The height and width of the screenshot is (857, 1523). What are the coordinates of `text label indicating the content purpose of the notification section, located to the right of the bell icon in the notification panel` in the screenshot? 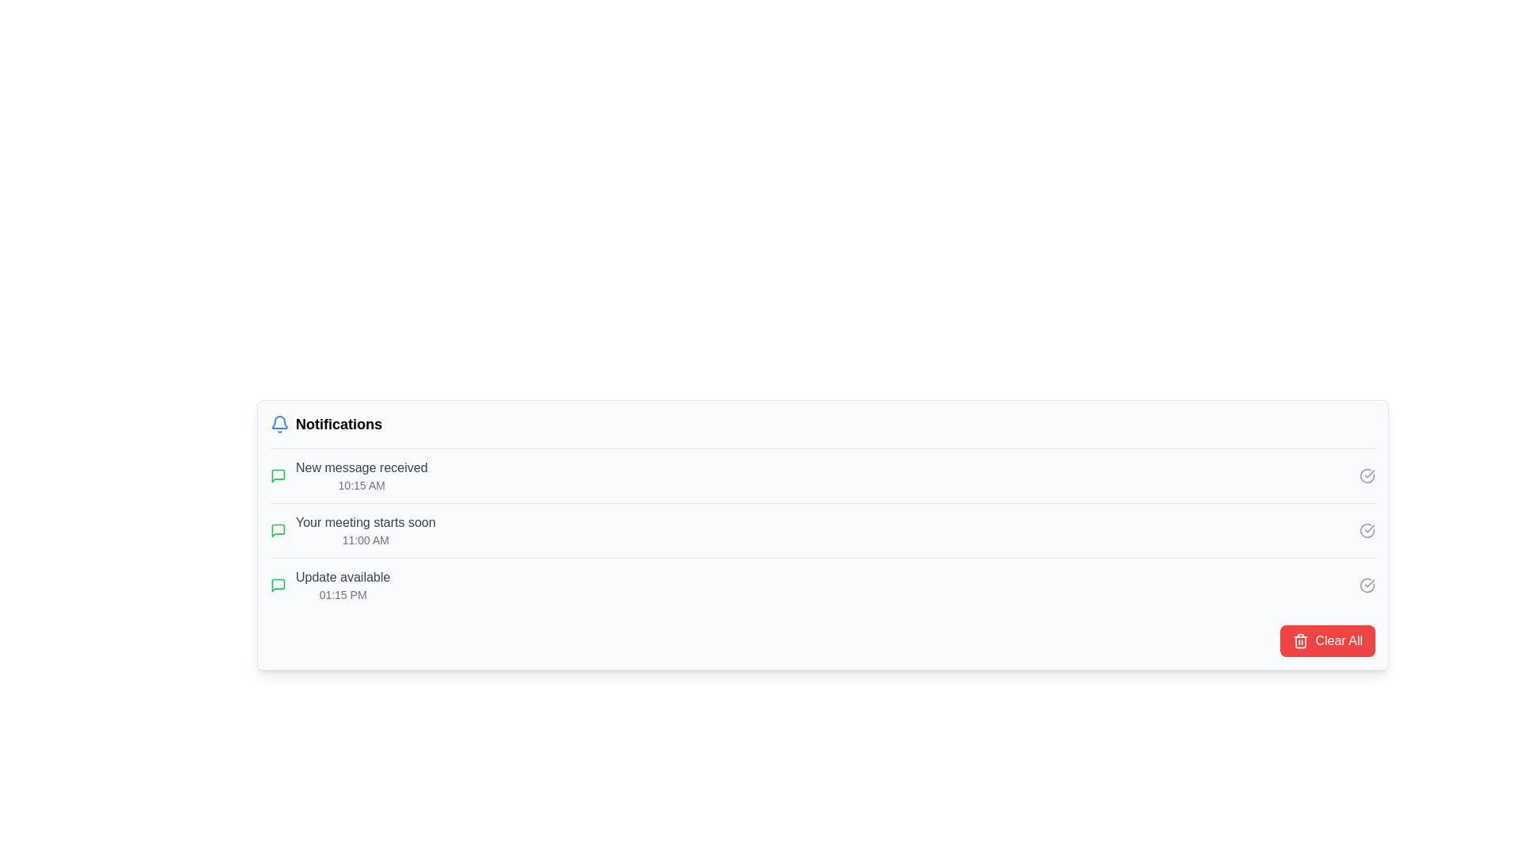 It's located at (338, 424).